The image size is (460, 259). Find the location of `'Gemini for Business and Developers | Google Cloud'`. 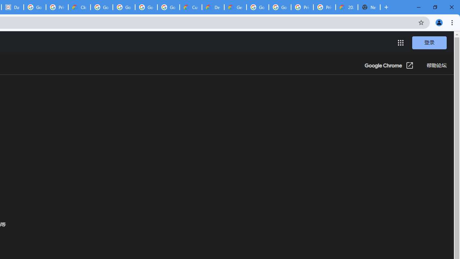

'Gemini for Business and Developers | Google Cloud' is located at coordinates (235, 7).